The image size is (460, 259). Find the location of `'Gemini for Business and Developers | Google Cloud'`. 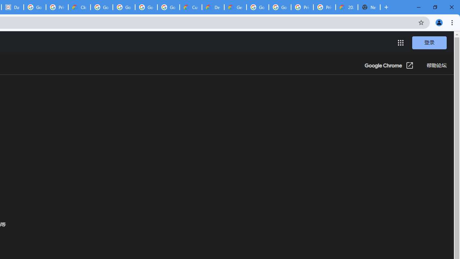

'Gemini for Business and Developers | Google Cloud' is located at coordinates (235, 7).